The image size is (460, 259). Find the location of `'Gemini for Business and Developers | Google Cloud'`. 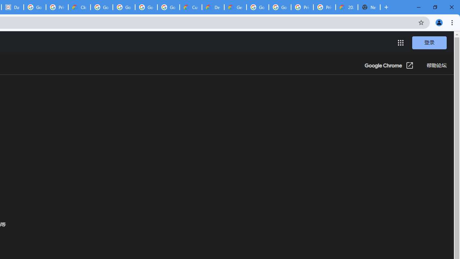

'Gemini for Business and Developers | Google Cloud' is located at coordinates (235, 7).